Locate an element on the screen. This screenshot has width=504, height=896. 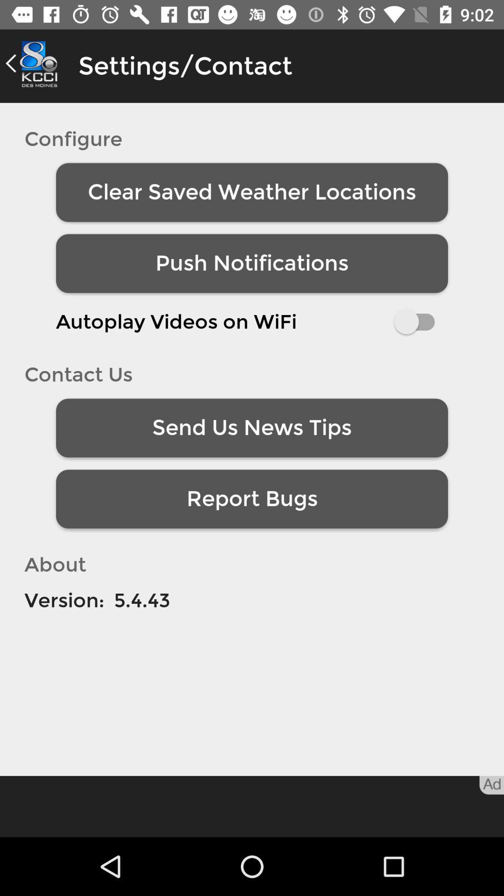
the item below about icon is located at coordinates (64, 600).